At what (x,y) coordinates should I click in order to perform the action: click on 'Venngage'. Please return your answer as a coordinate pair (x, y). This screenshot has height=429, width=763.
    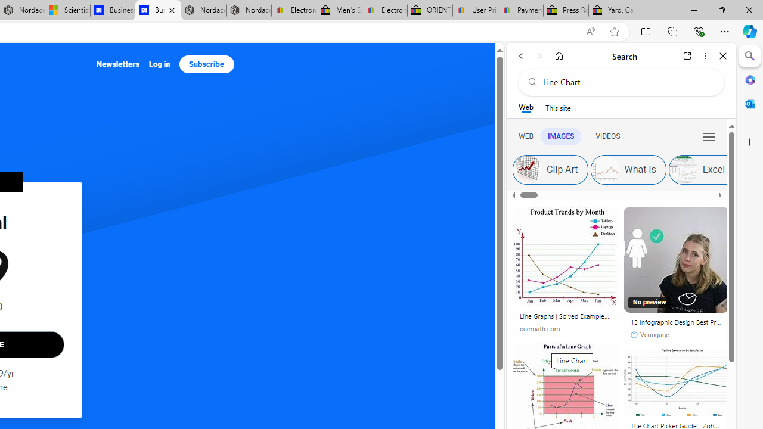
    Looking at the image, I should click on (649, 335).